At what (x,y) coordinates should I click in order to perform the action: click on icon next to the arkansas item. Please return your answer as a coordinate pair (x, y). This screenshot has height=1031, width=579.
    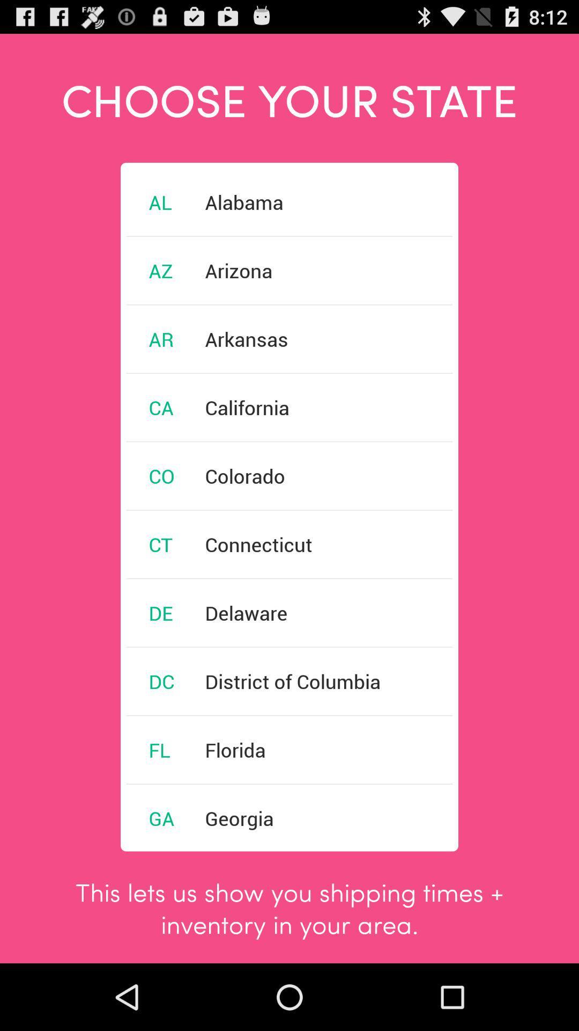
    Looking at the image, I should click on (161, 338).